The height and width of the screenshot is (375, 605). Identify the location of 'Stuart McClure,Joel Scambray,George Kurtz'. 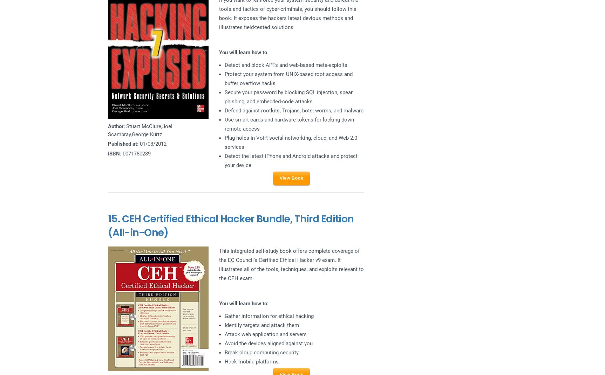
(140, 130).